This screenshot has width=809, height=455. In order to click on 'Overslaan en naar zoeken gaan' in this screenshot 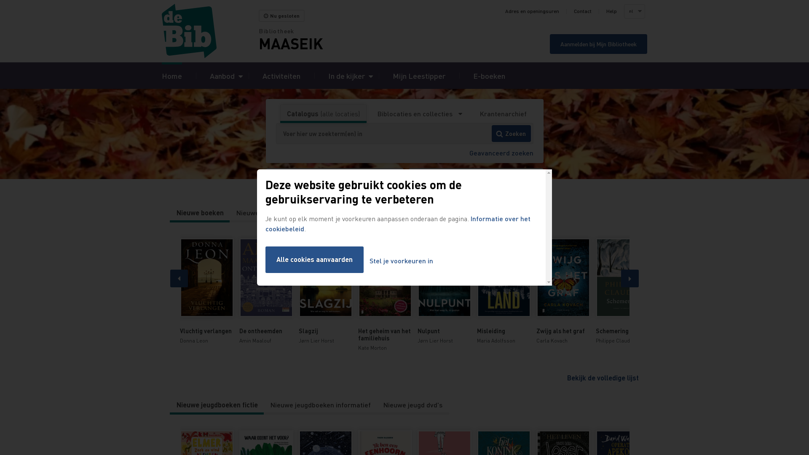, I will do `click(0, 0)`.